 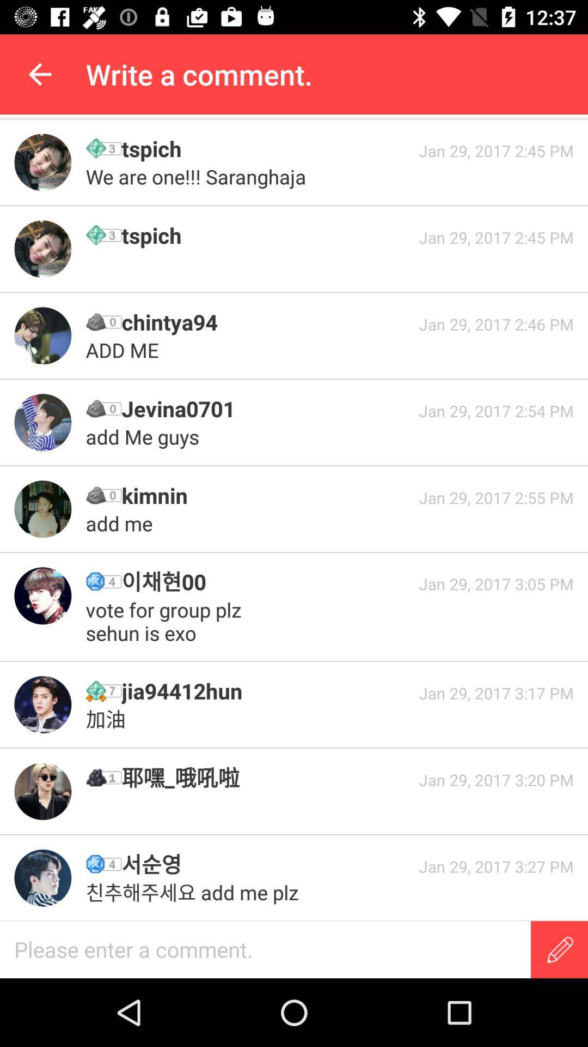 I want to click on write message, so click(x=559, y=949).